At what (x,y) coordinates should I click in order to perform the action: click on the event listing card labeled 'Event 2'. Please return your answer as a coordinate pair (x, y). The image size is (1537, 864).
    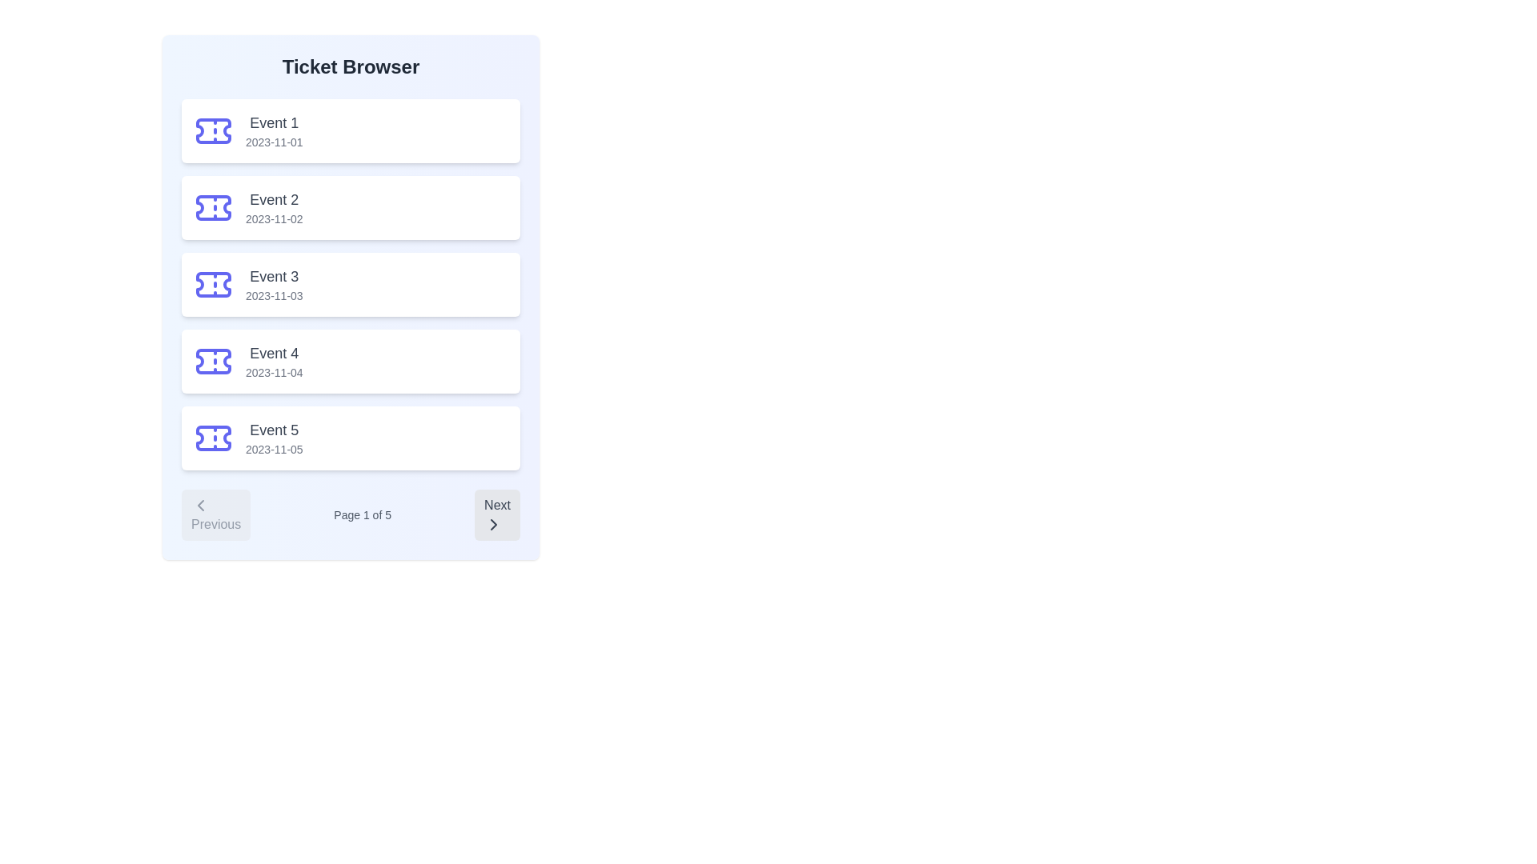
    Looking at the image, I should click on (350, 206).